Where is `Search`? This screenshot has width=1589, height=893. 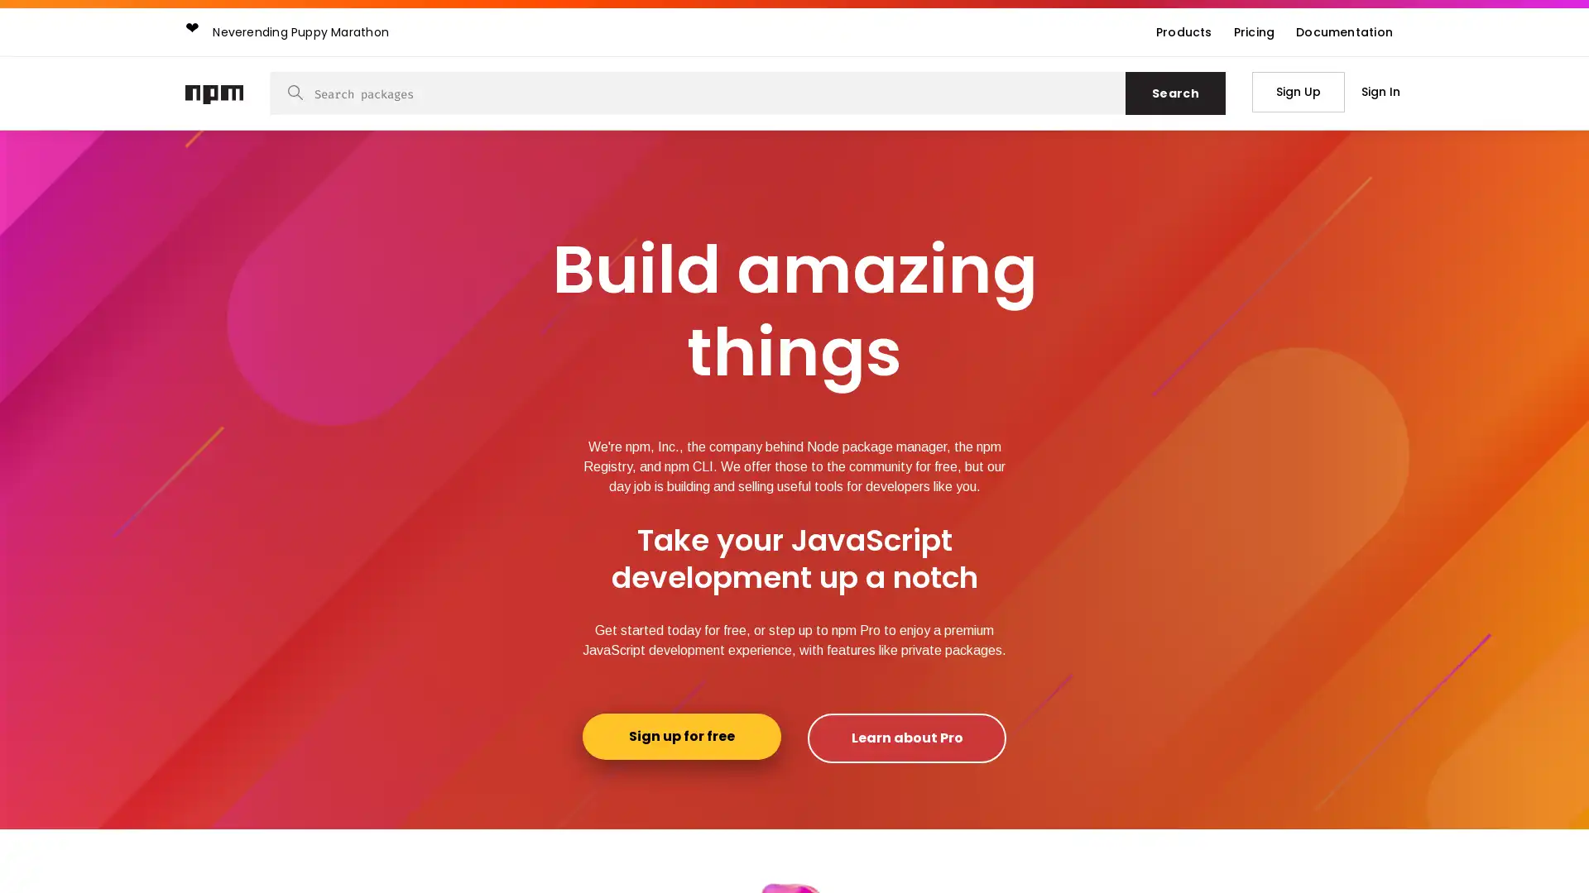 Search is located at coordinates (1174, 93).